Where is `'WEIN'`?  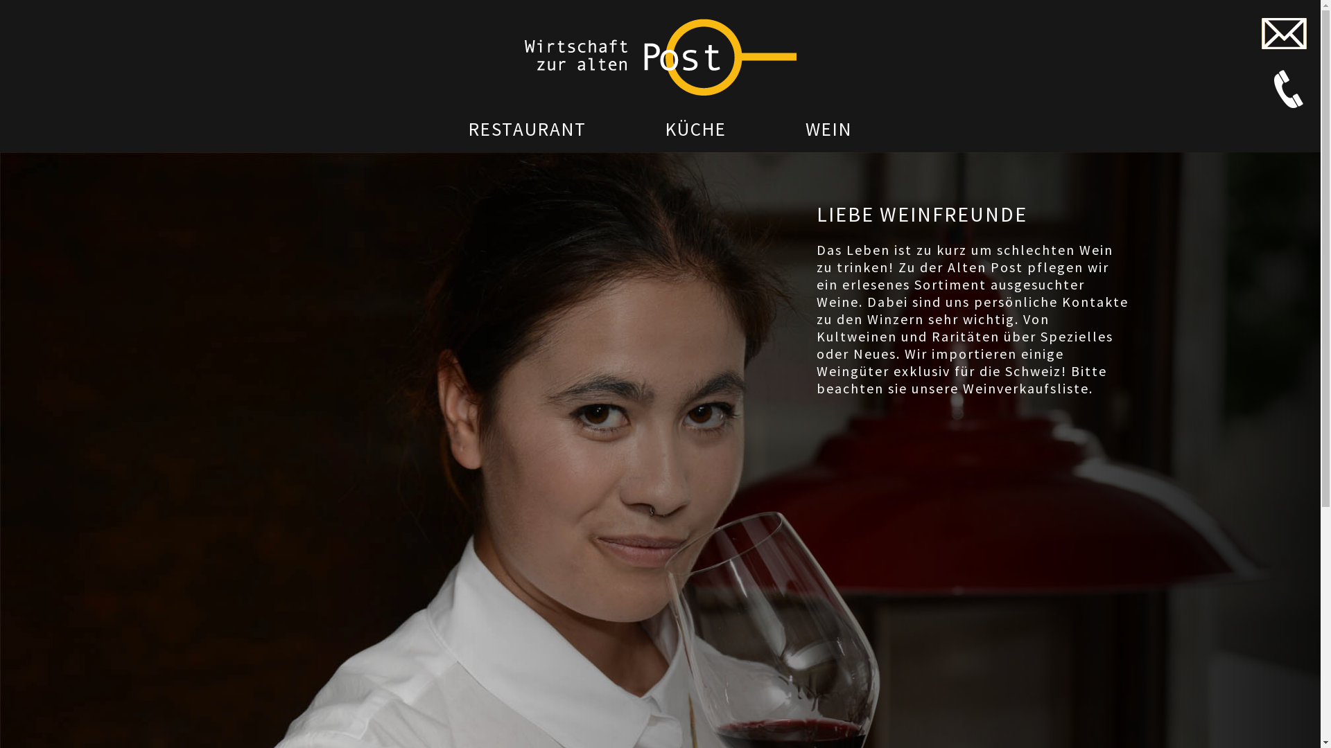
'WEIN' is located at coordinates (828, 128).